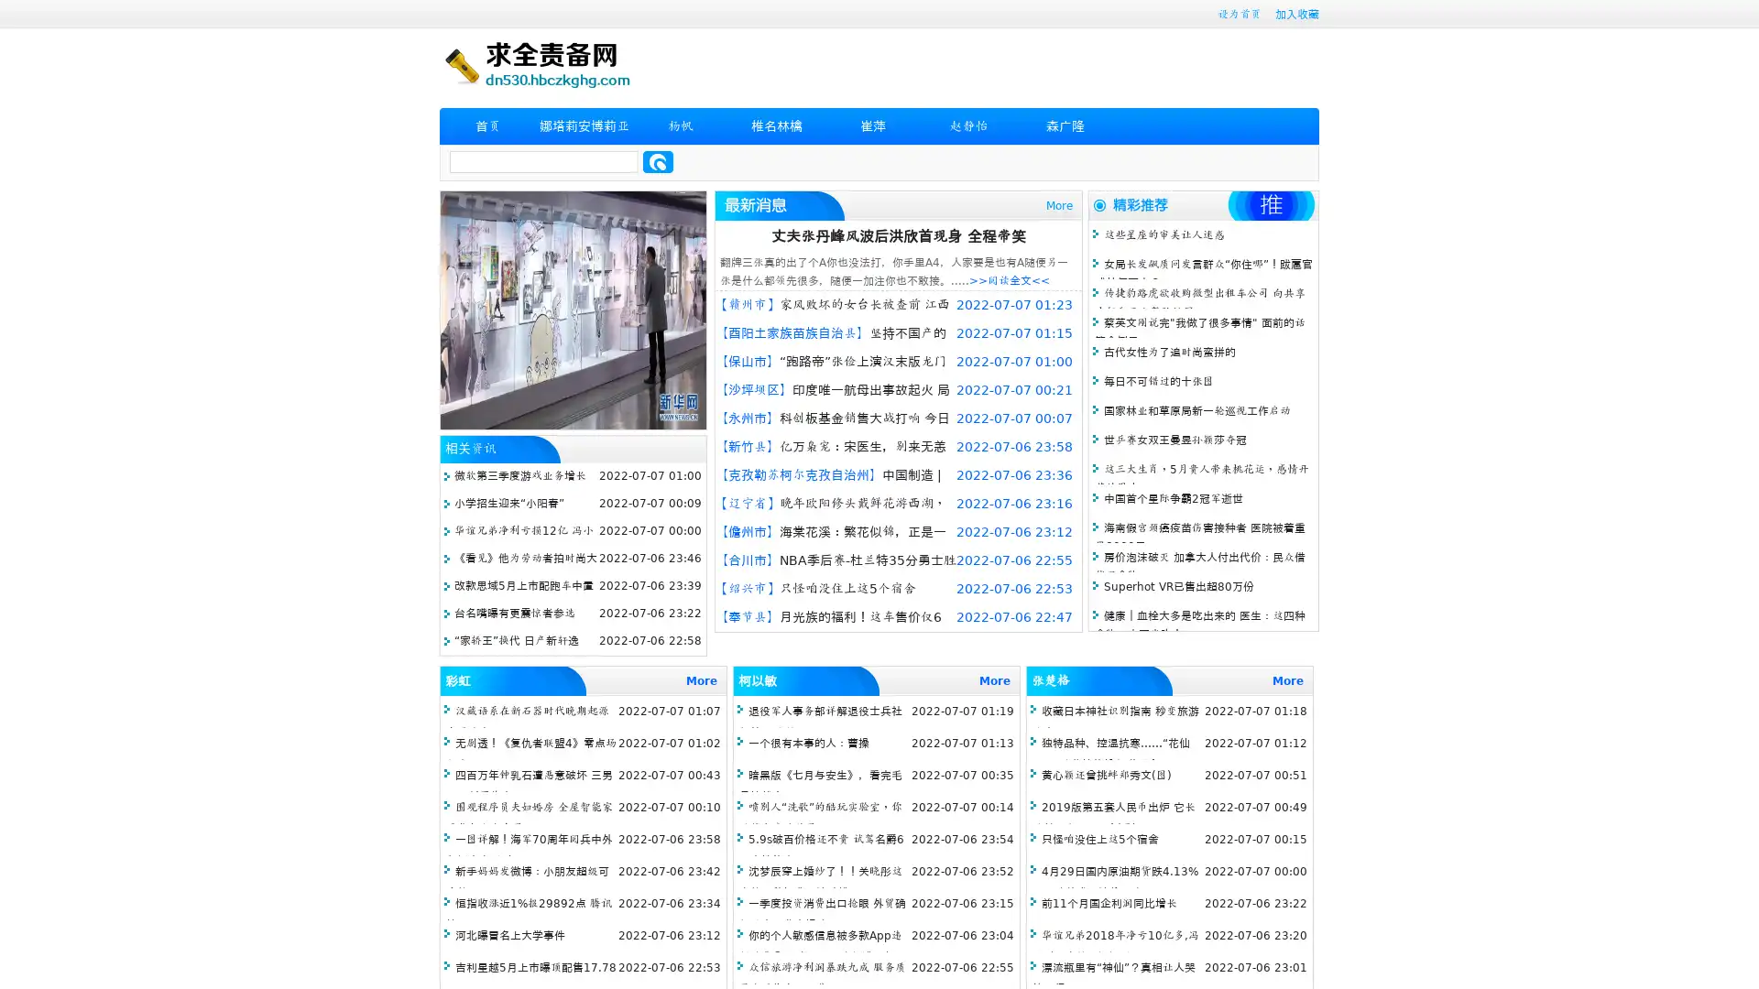  What do you see at coordinates (658, 161) in the screenshot?
I see `Search` at bounding box center [658, 161].